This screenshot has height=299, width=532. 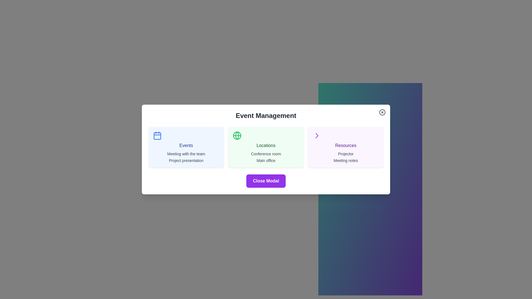 What do you see at coordinates (317, 135) in the screenshot?
I see `the icon located at the top-right corner of the 'Resources' card` at bounding box center [317, 135].